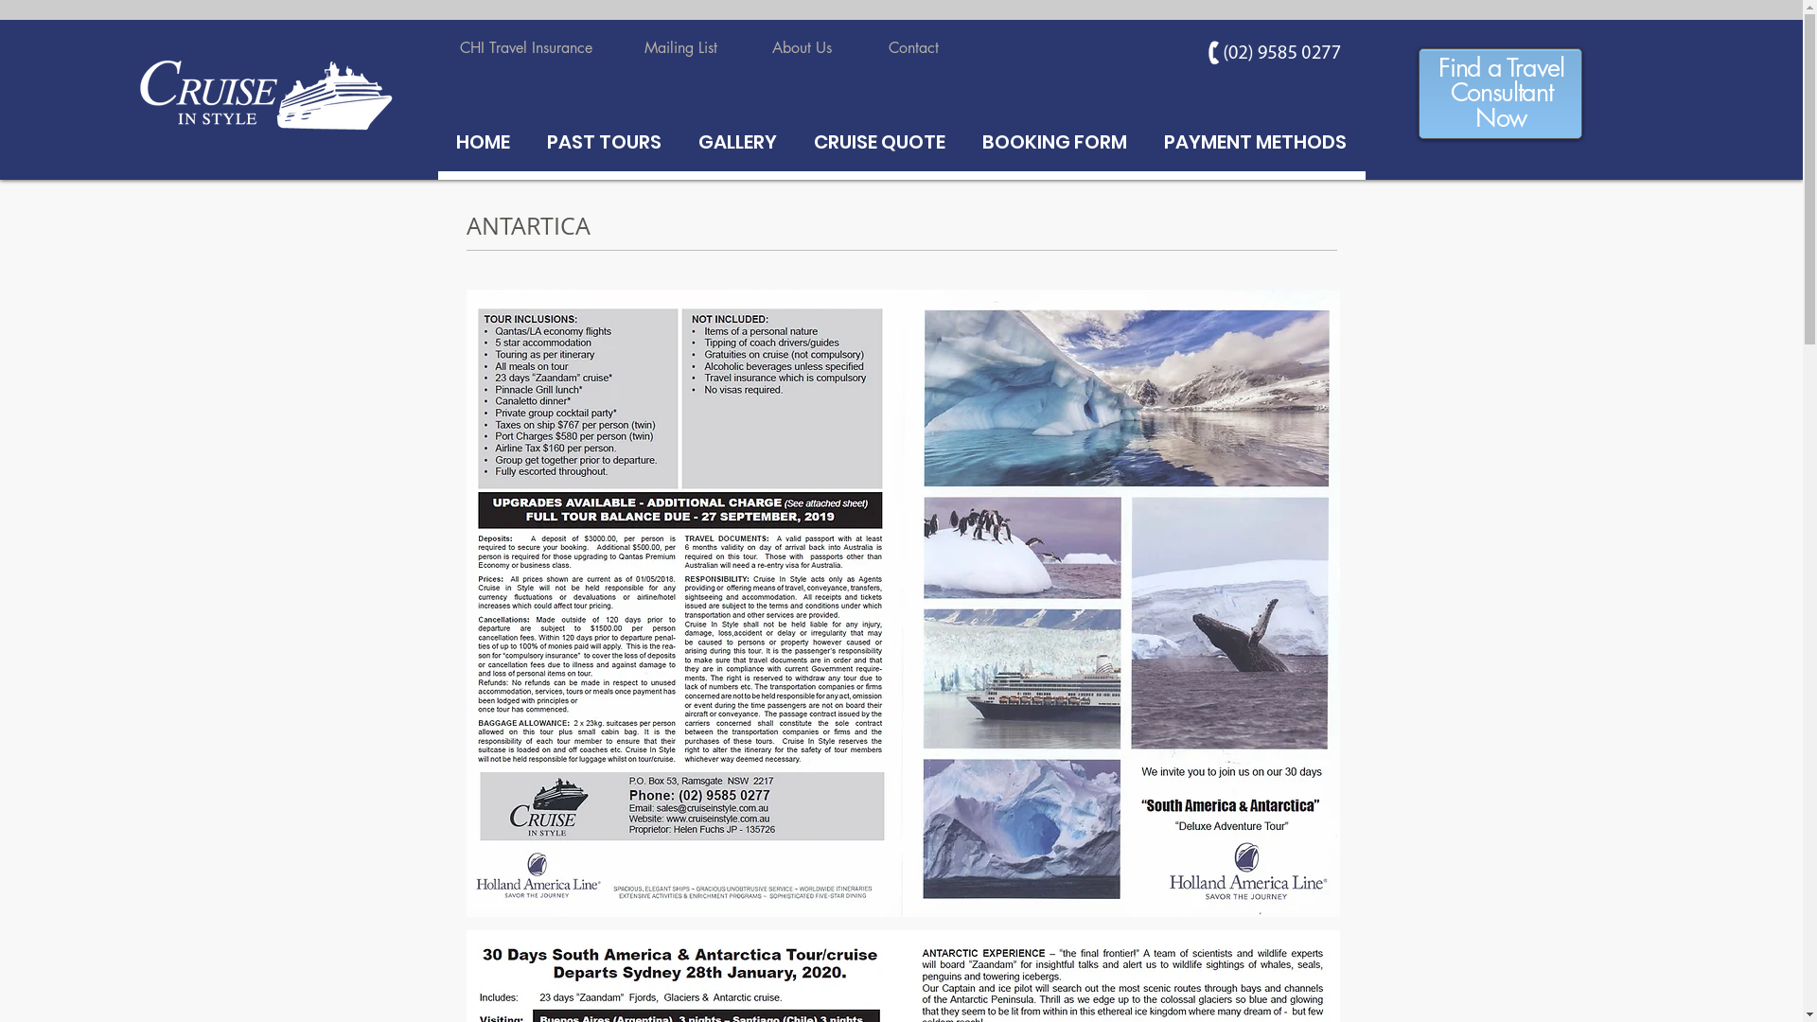  I want to click on 'PAST TOURS', so click(603, 141).